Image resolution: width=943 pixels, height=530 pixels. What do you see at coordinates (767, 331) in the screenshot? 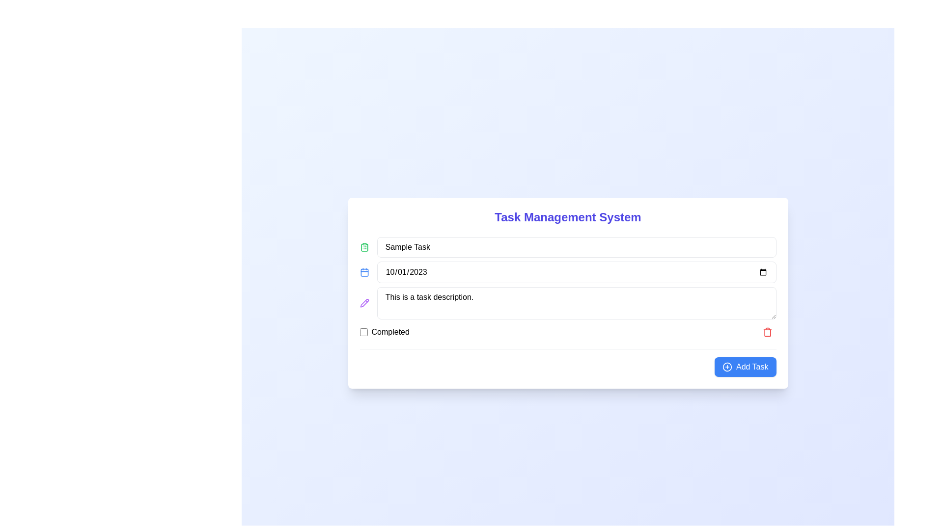
I see `the red trash bin icon button located near the bottom-right corner of the input area` at bounding box center [767, 331].